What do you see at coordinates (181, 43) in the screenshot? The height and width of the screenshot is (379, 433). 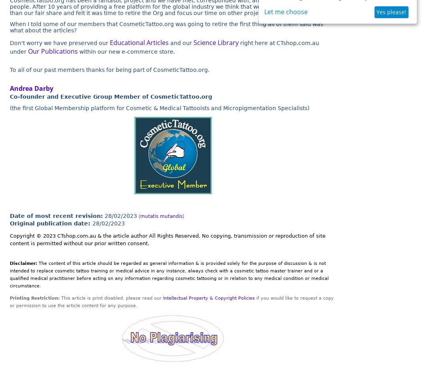 I see `'and our'` at bounding box center [181, 43].